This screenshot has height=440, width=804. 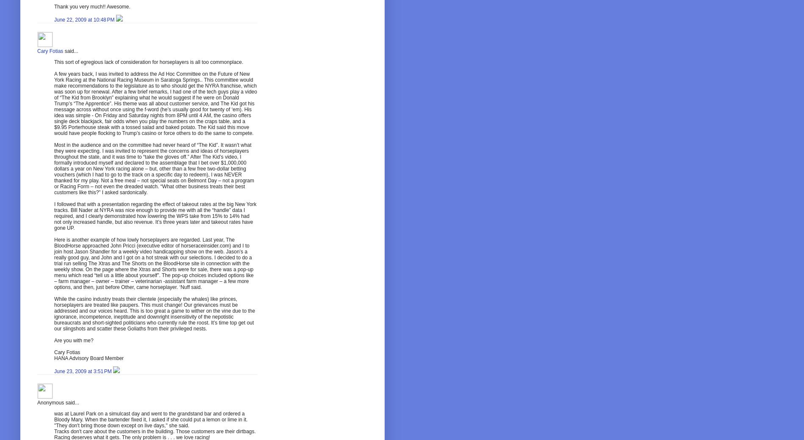 I want to click on 'Anonymous
said...', so click(x=58, y=403).